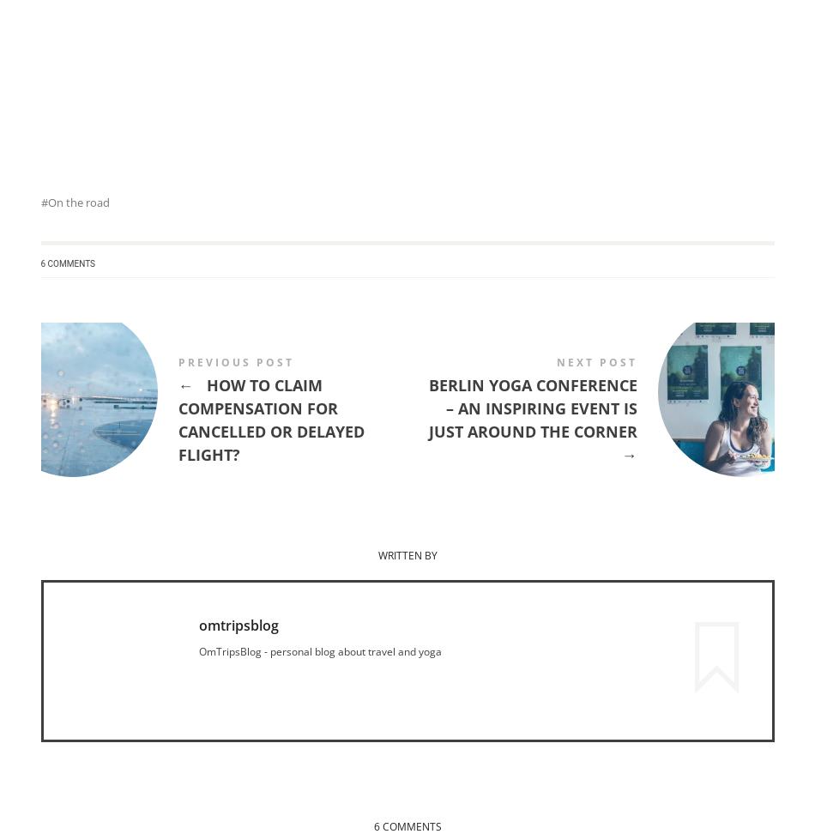 This screenshot has height=834, width=815. Describe the element at coordinates (318, 650) in the screenshot. I see `'OmTripsBlog - personal blog about travel and yoga'` at that location.